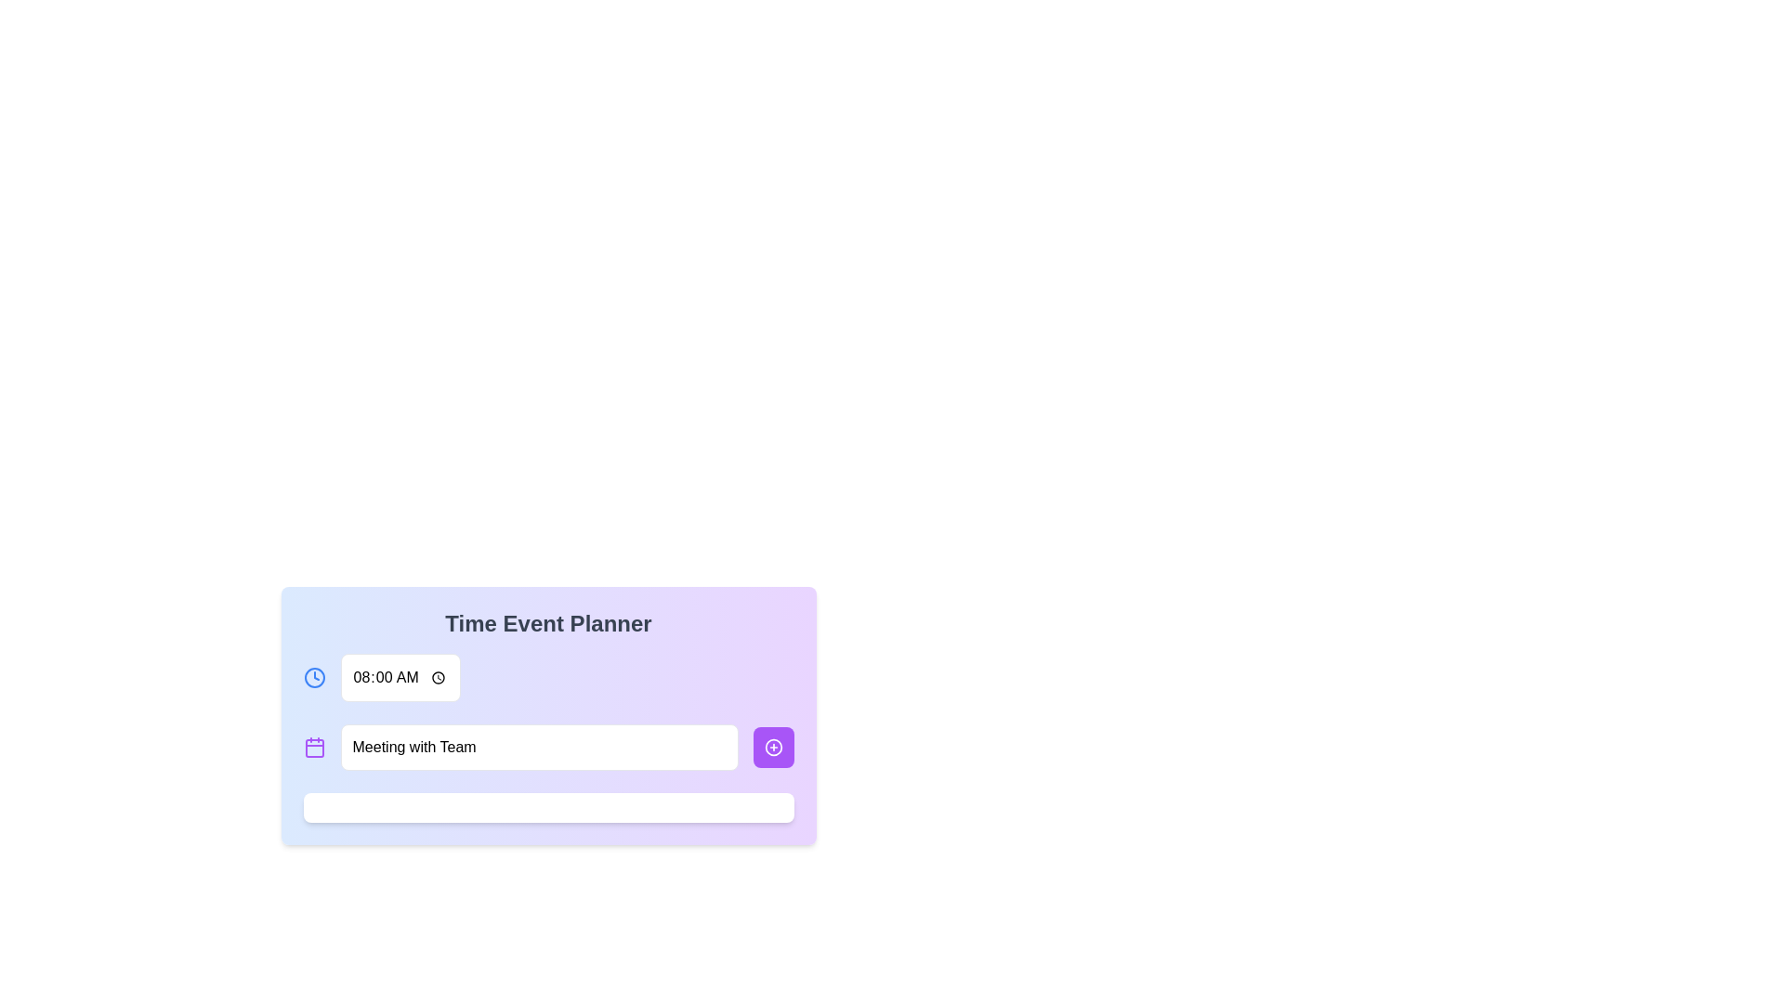 The height and width of the screenshot is (1003, 1784). Describe the element at coordinates (773, 747) in the screenshot. I see `the Icon button located at the rightmost end of the second input row, contained within a purple rounded square` at that location.